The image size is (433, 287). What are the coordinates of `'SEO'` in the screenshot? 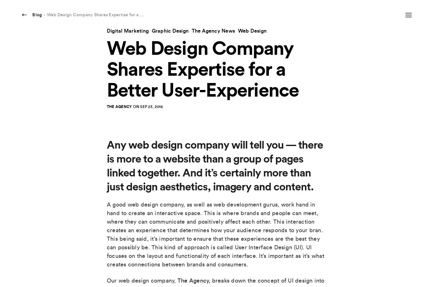 It's located at (235, 272).